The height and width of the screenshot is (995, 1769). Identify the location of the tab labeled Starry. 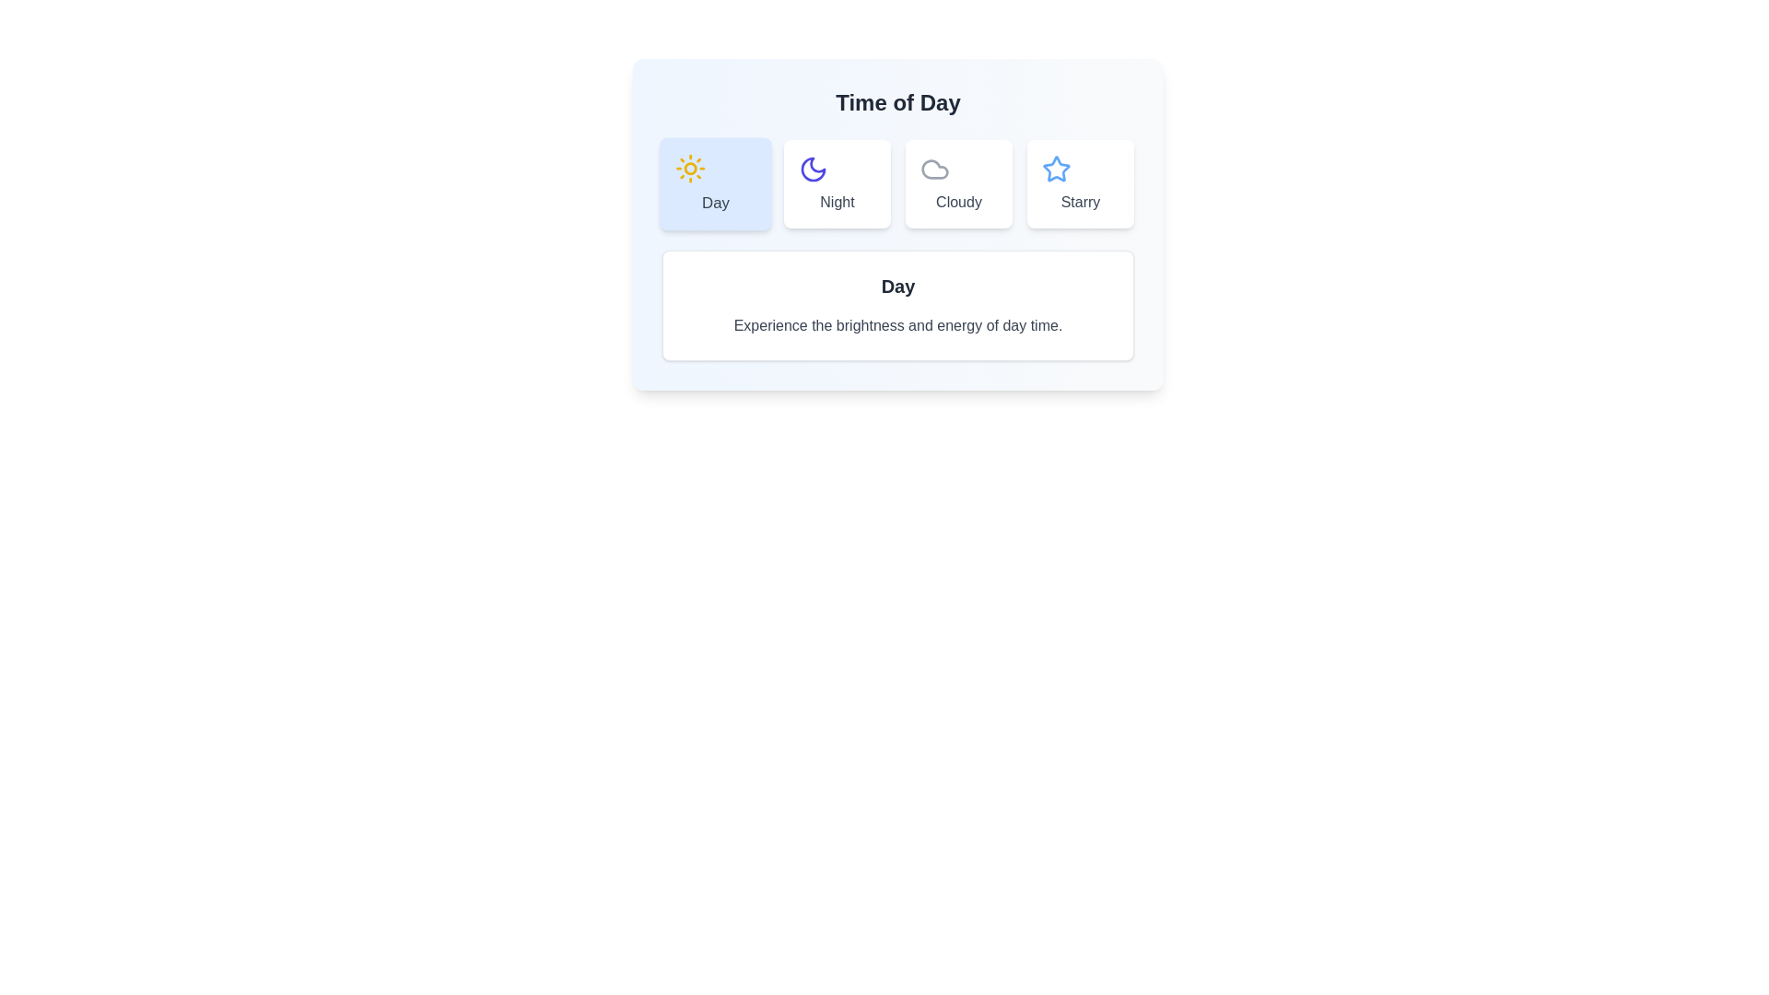
(1080, 184).